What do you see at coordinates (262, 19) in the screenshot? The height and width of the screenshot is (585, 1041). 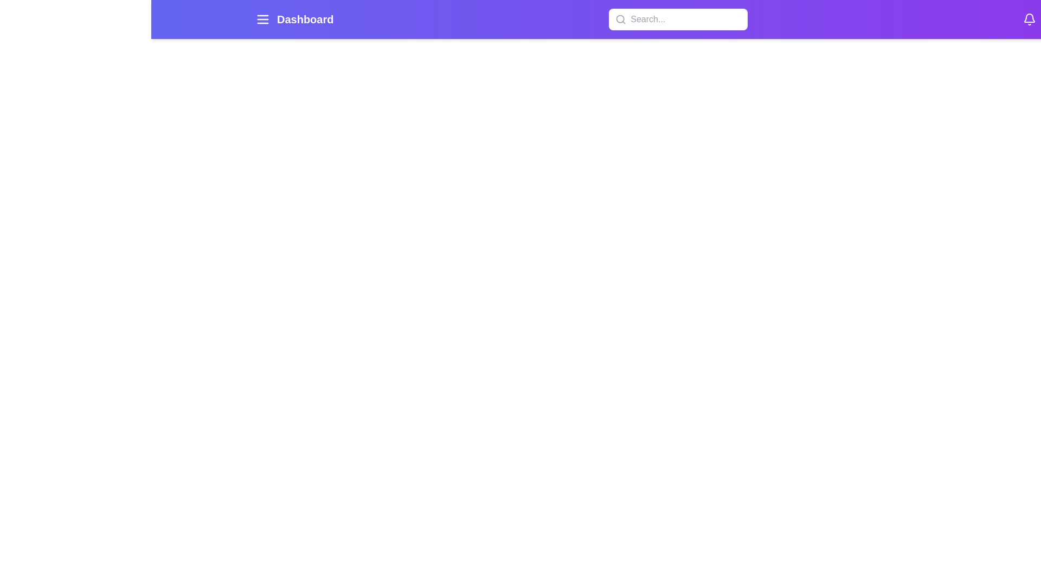 I see `the menu icon in the top-left corner` at bounding box center [262, 19].